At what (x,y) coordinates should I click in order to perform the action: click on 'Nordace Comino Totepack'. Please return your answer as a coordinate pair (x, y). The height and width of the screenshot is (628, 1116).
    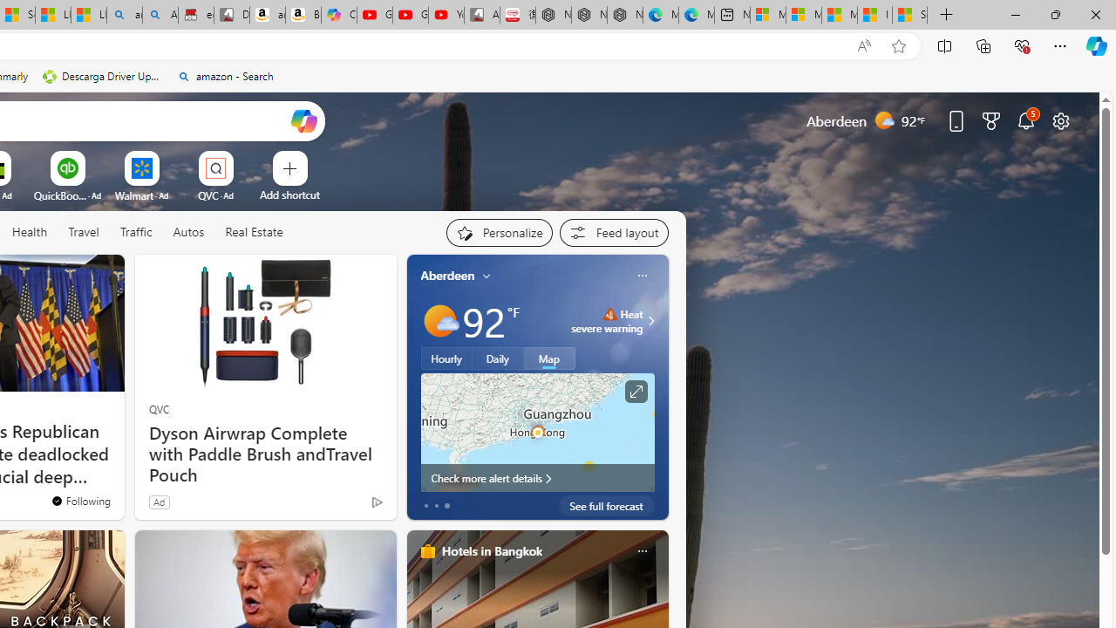
    Looking at the image, I should click on (552, 15).